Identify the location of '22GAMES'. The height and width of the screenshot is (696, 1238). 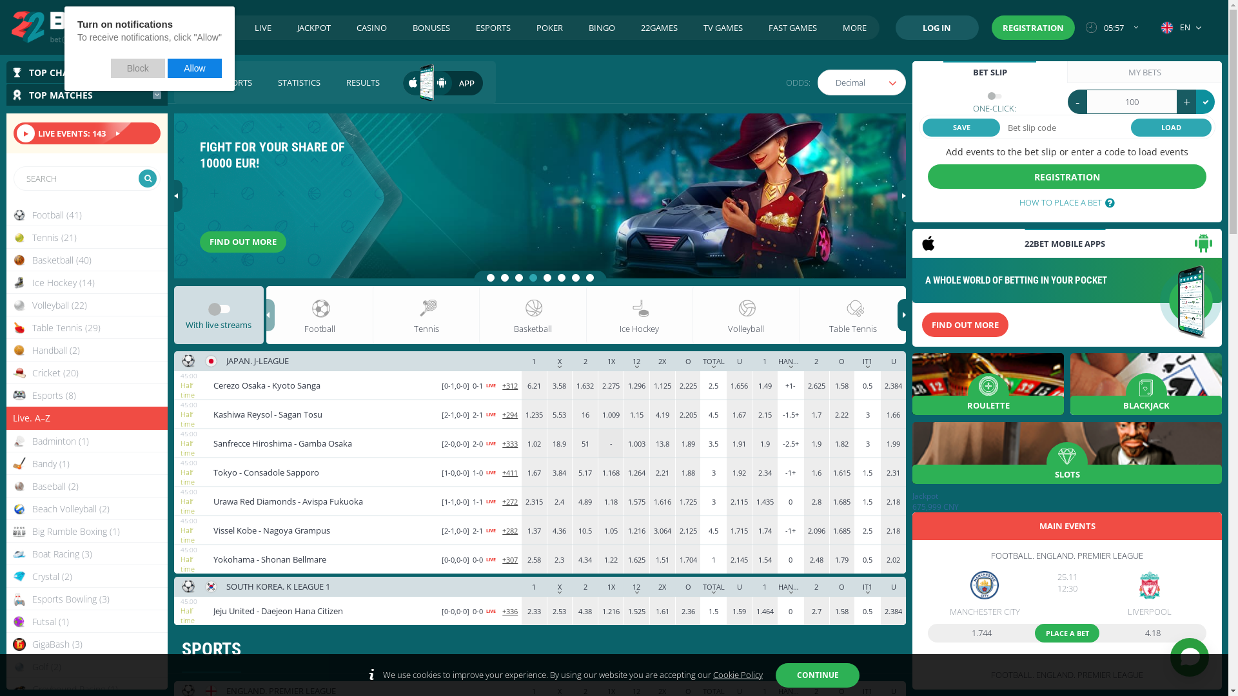
(659, 27).